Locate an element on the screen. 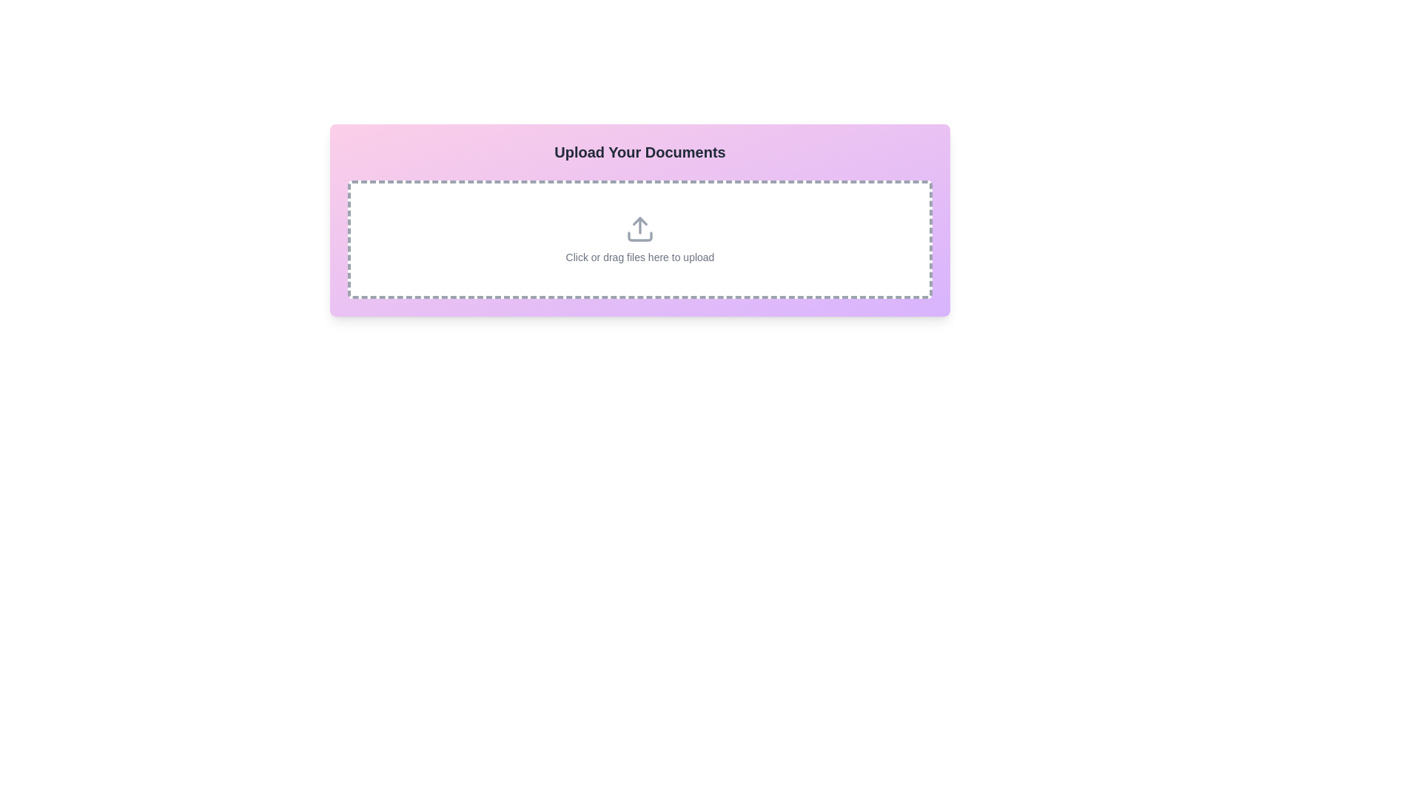 This screenshot has width=1421, height=799. the bottom segment of the upload icon, which is part of the drag-and-drop area labeled 'Click or drag files here to upload.' is located at coordinates (639, 236).